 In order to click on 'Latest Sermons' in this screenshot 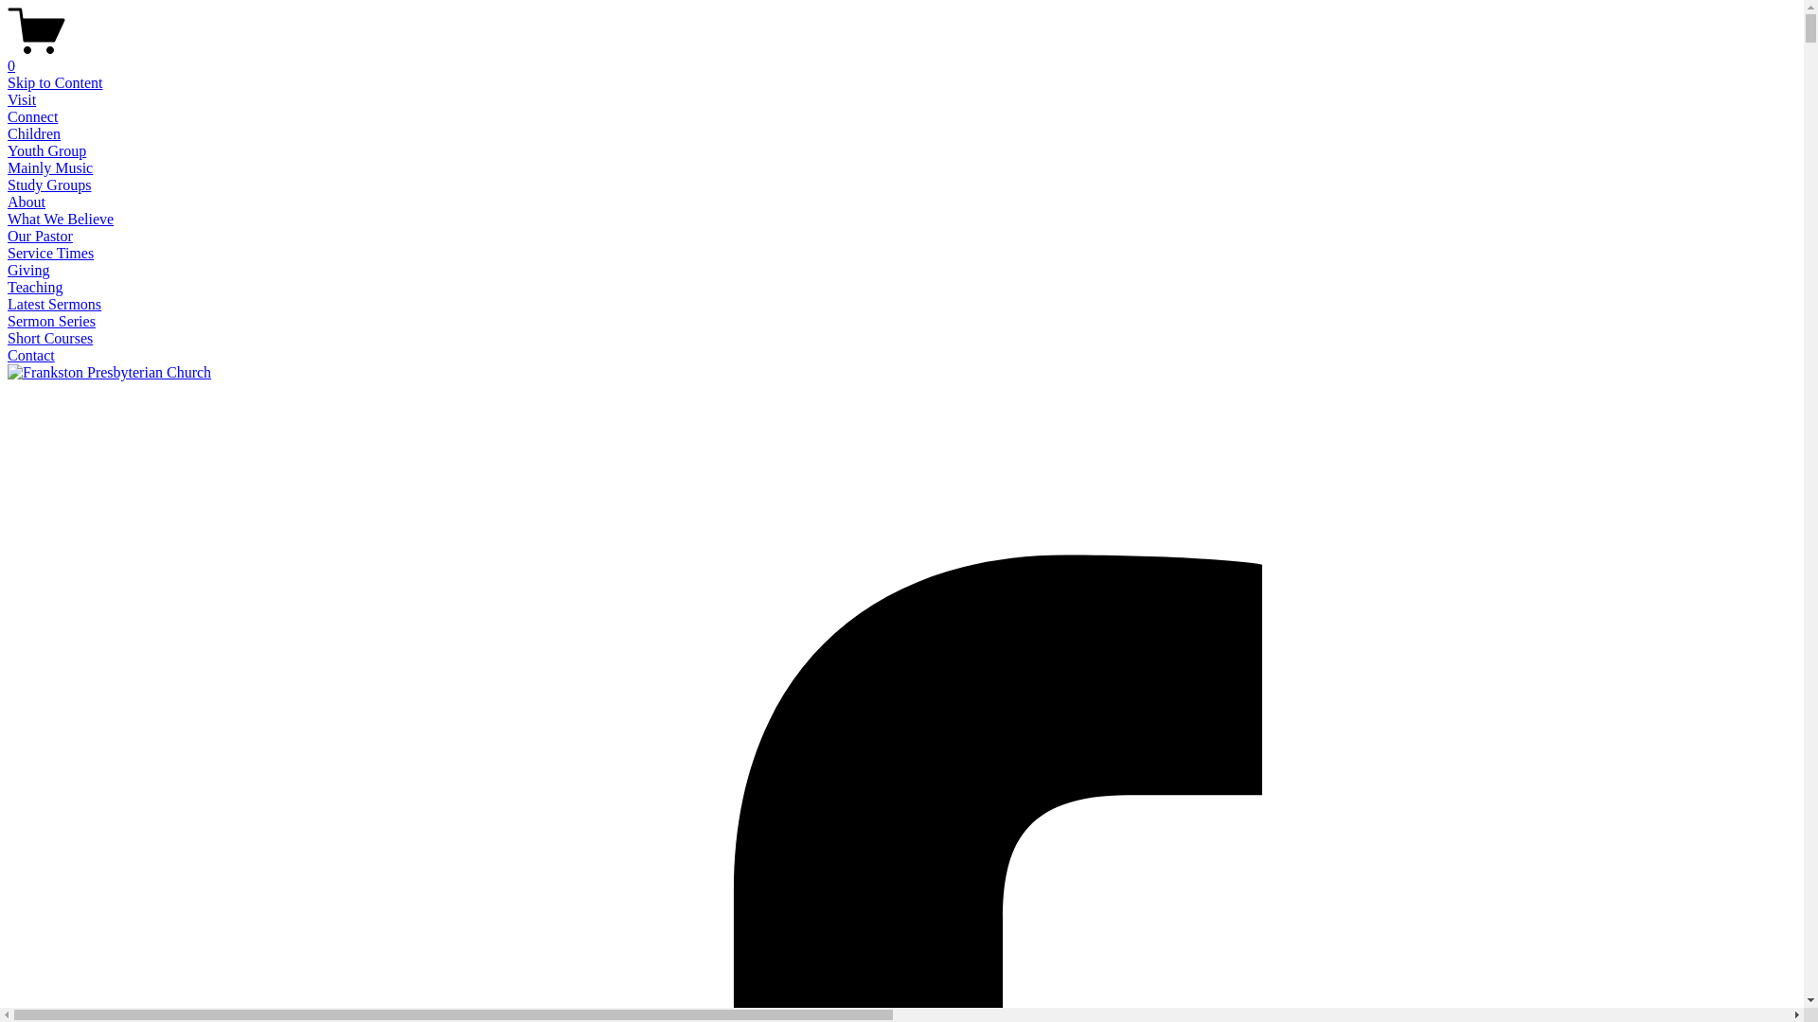, I will do `click(54, 303)`.